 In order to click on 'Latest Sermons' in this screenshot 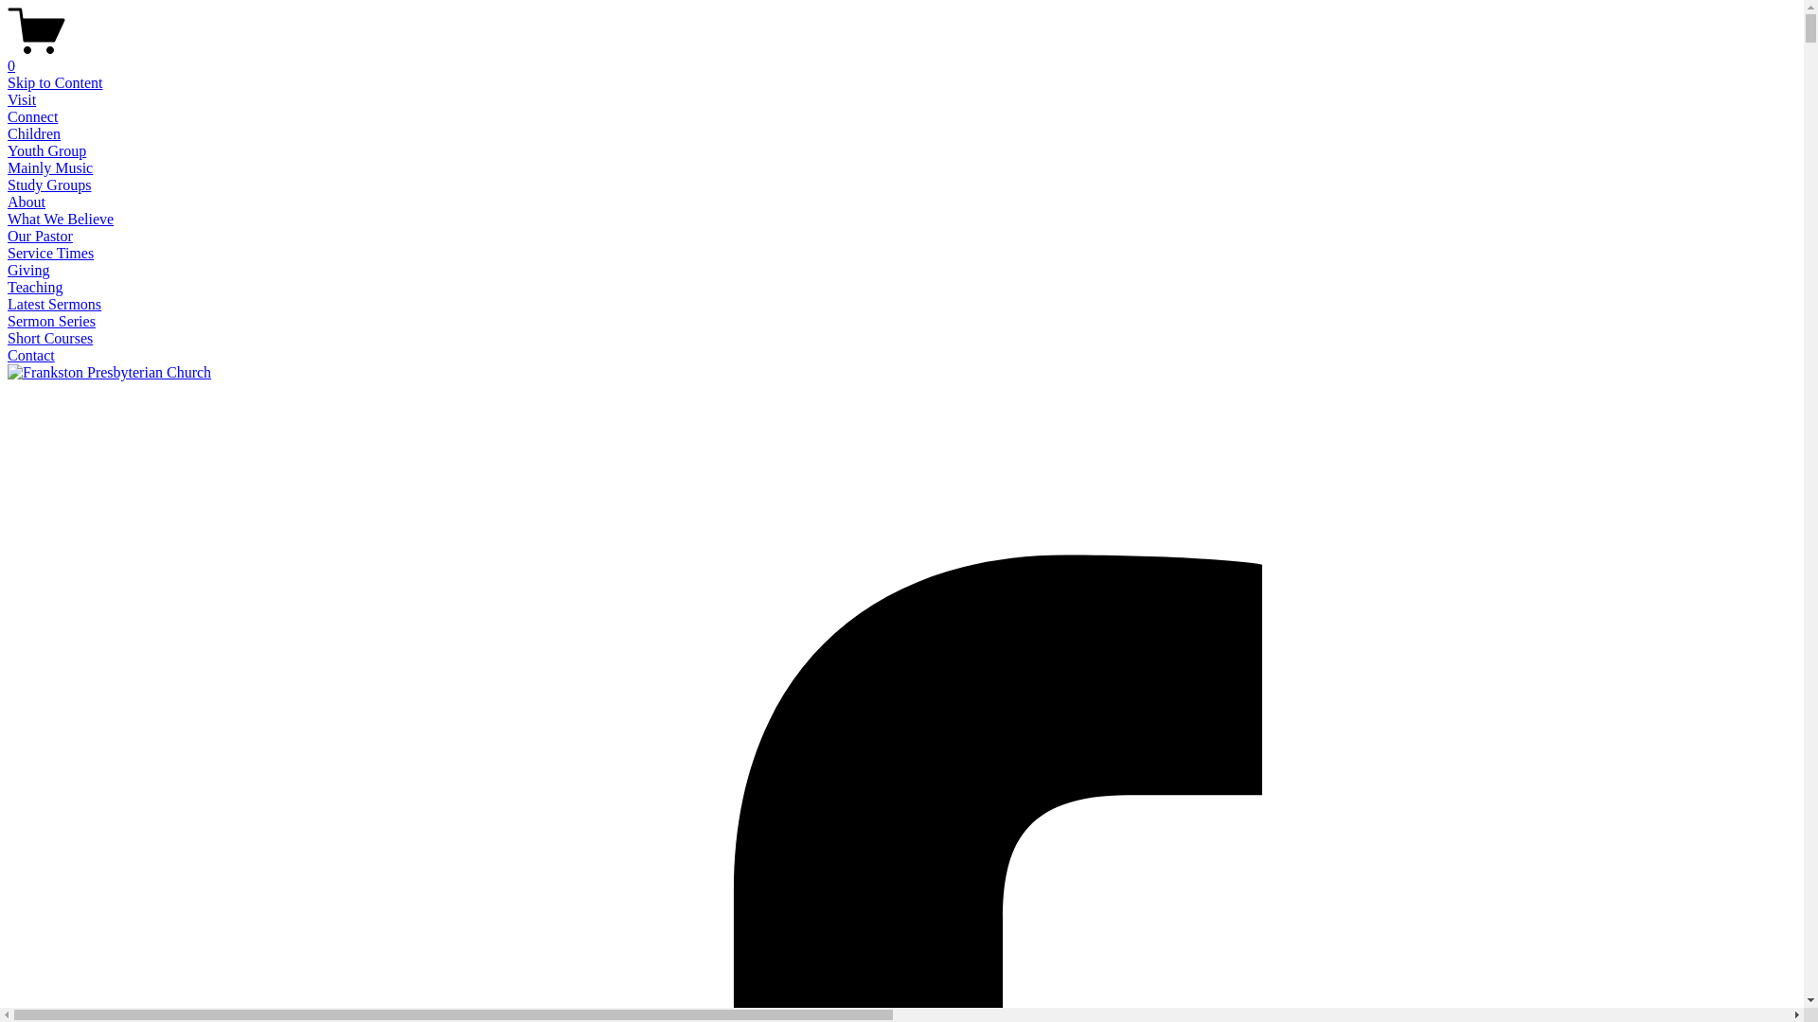, I will do `click(54, 303)`.